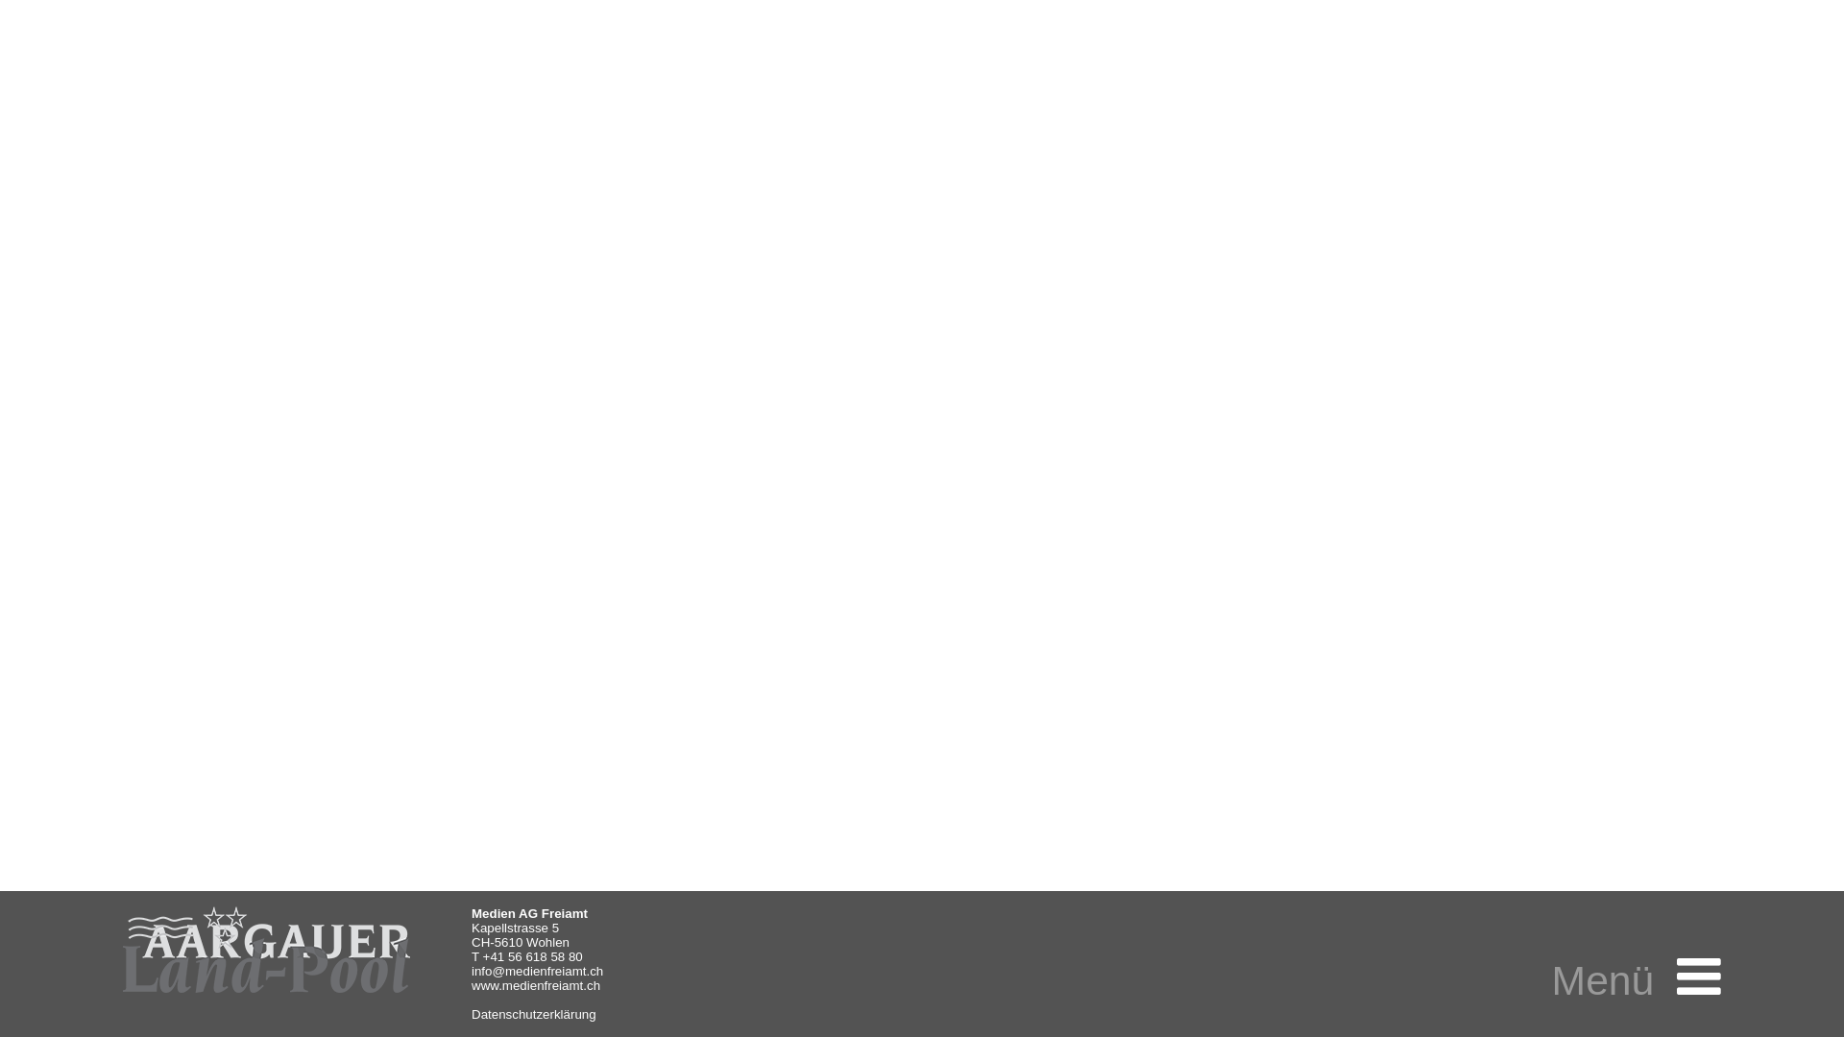  What do you see at coordinates (535, 985) in the screenshot?
I see `'www.medienfreiamt.ch'` at bounding box center [535, 985].